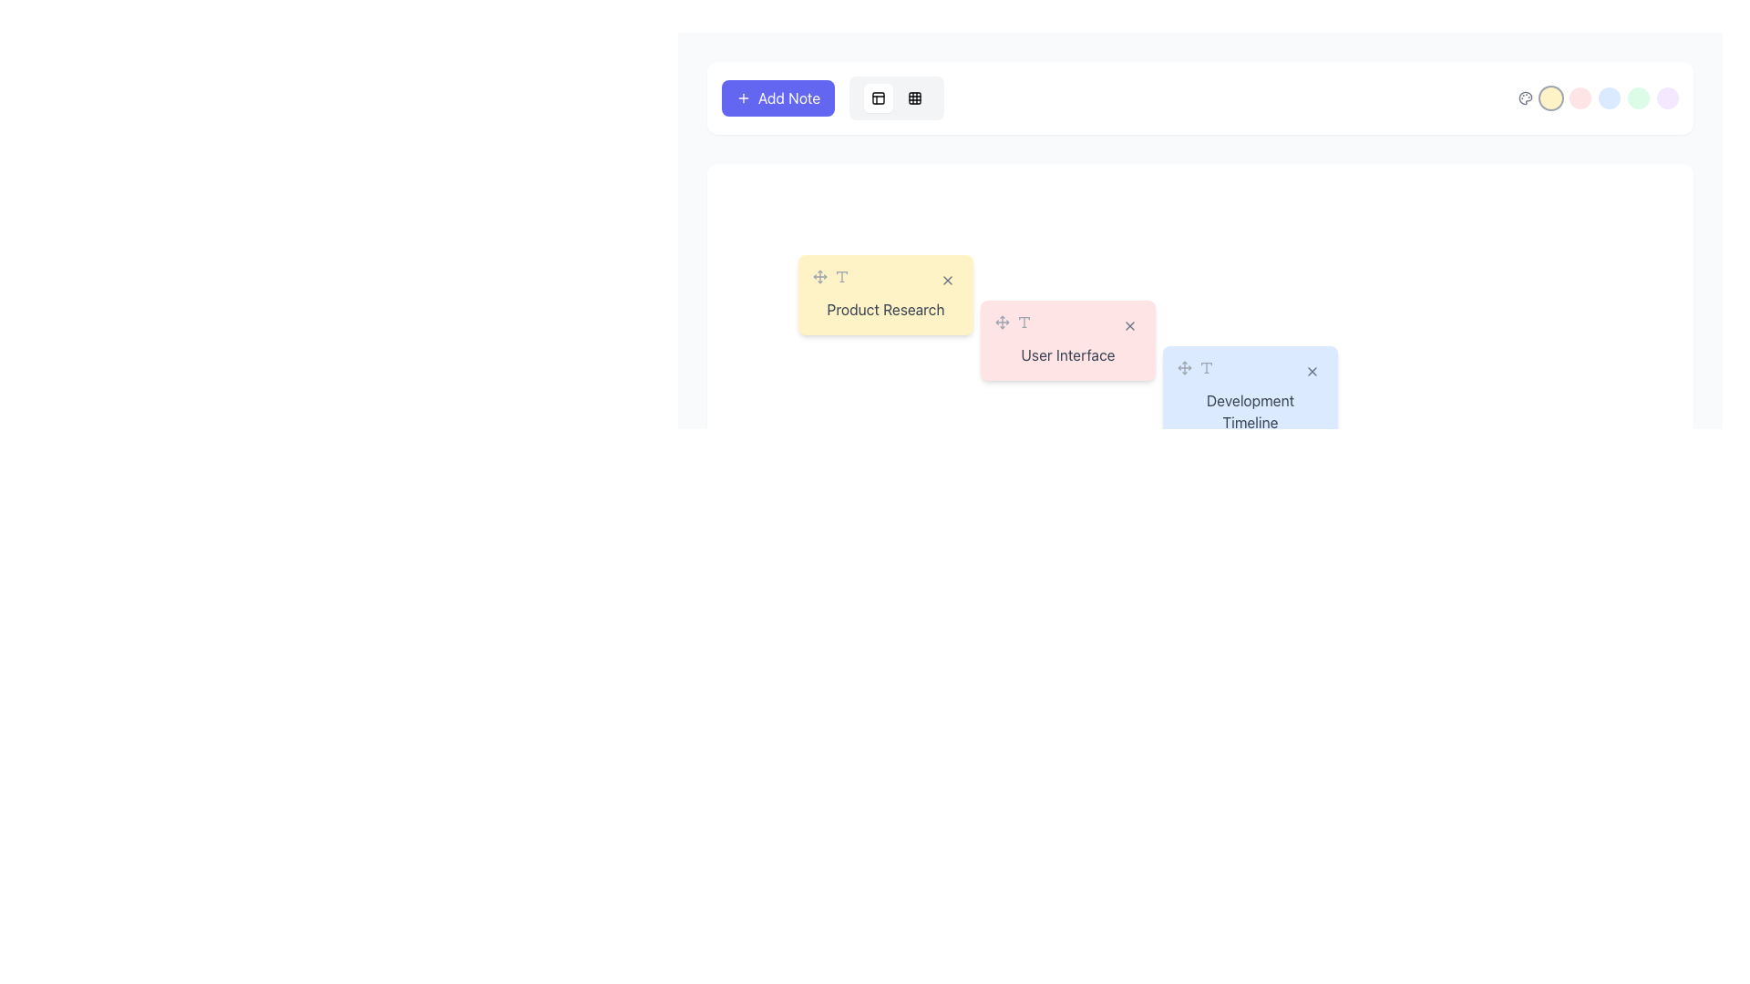 The image size is (1750, 984). I want to click on the text formatting icon shaped like a 'T', which is the second icon in the horizontal arrangement on the yellow 'Product Research' card, so click(841, 277).